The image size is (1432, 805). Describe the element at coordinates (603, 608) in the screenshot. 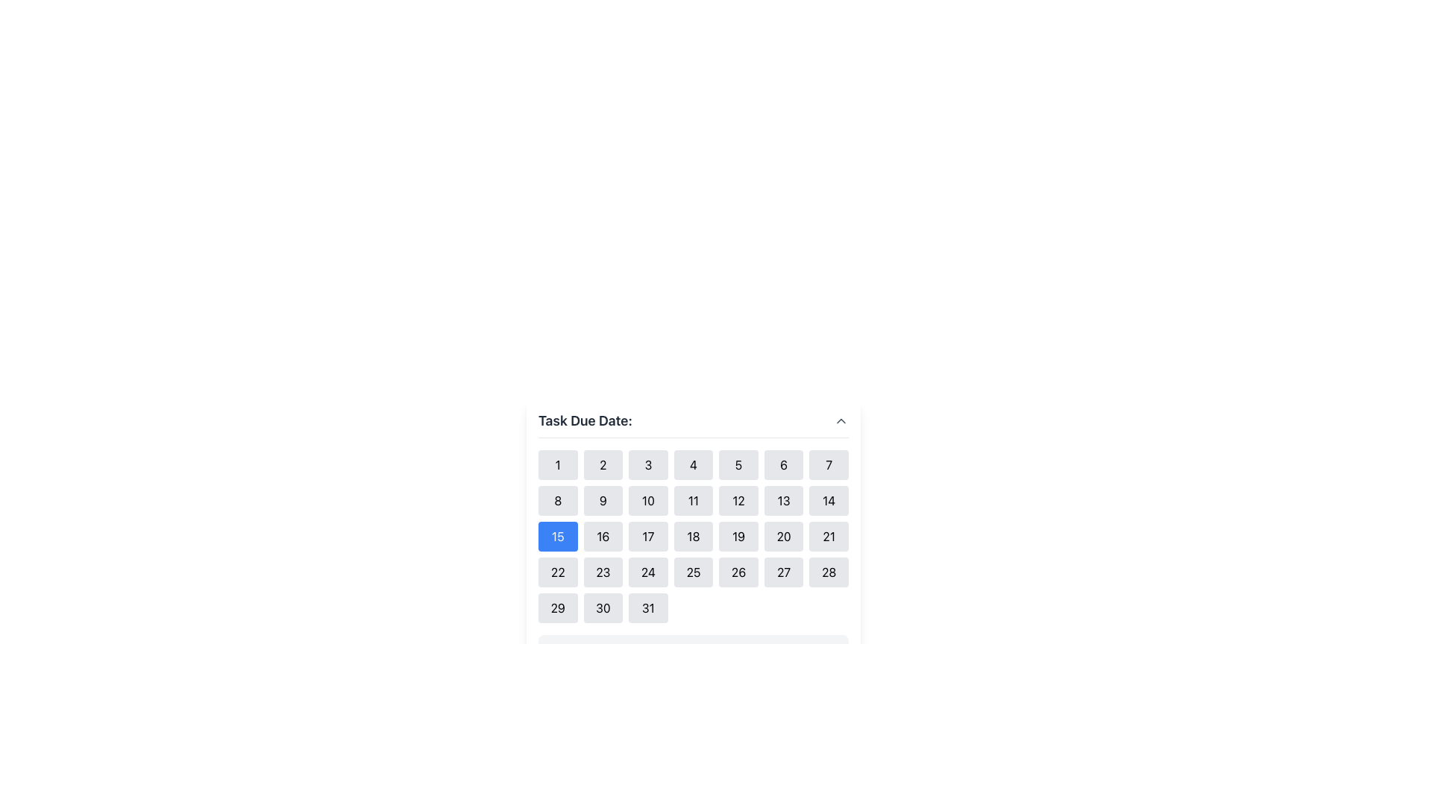

I see `the rectangular button labeled '30'` at that location.